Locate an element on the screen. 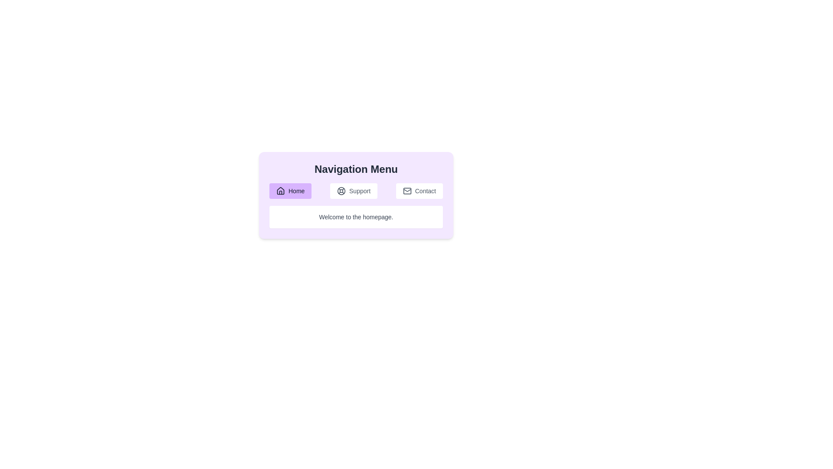 This screenshot has width=833, height=469. the right side text label of the 'Support' button, which provides a visual cue for its functionality, located adjacent to the life-buoy icon is located at coordinates (360, 190).